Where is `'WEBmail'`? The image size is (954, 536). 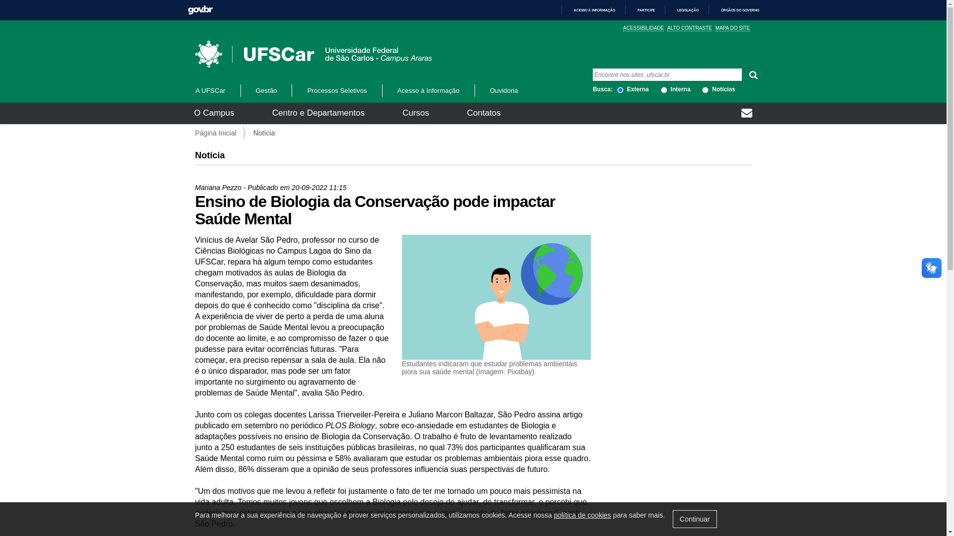
'WEBmail' is located at coordinates (746, 114).